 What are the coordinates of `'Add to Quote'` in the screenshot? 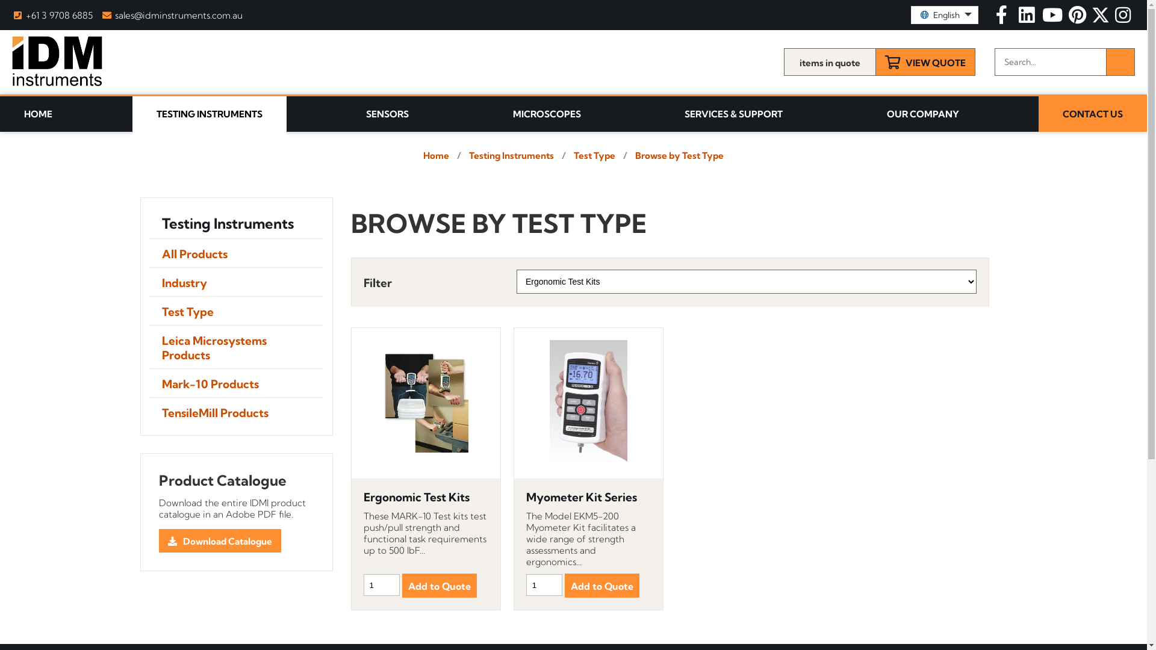 It's located at (402, 584).